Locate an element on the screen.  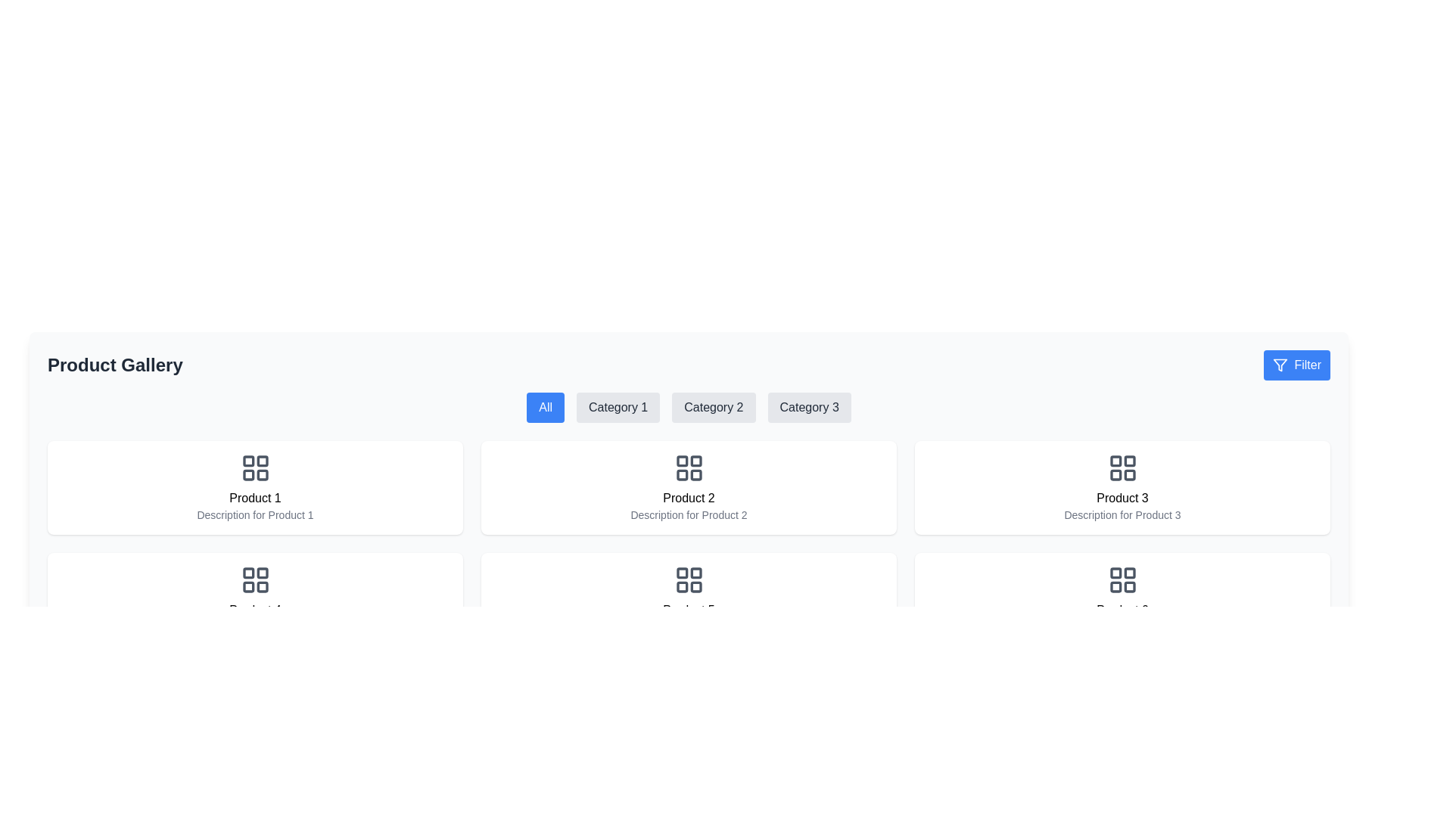
the decorative icon representing 'Product 3' by moving the cursor to its center point is located at coordinates (1122, 467).